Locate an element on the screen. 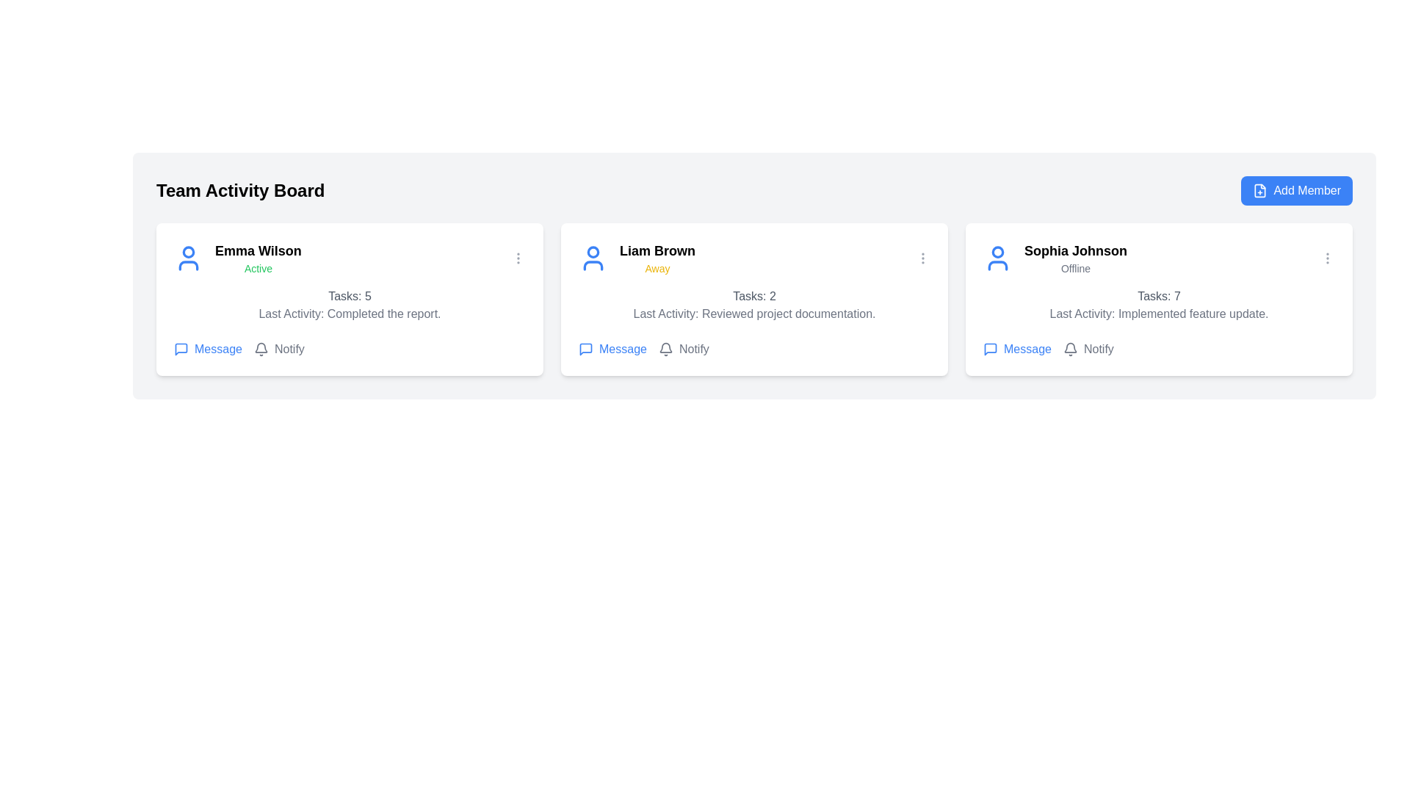 This screenshot has height=793, width=1410. the bell-shaped notification icon located within the 'Notify' option of the last user card related to 'Sophia Johnson' is located at coordinates (1070, 349).